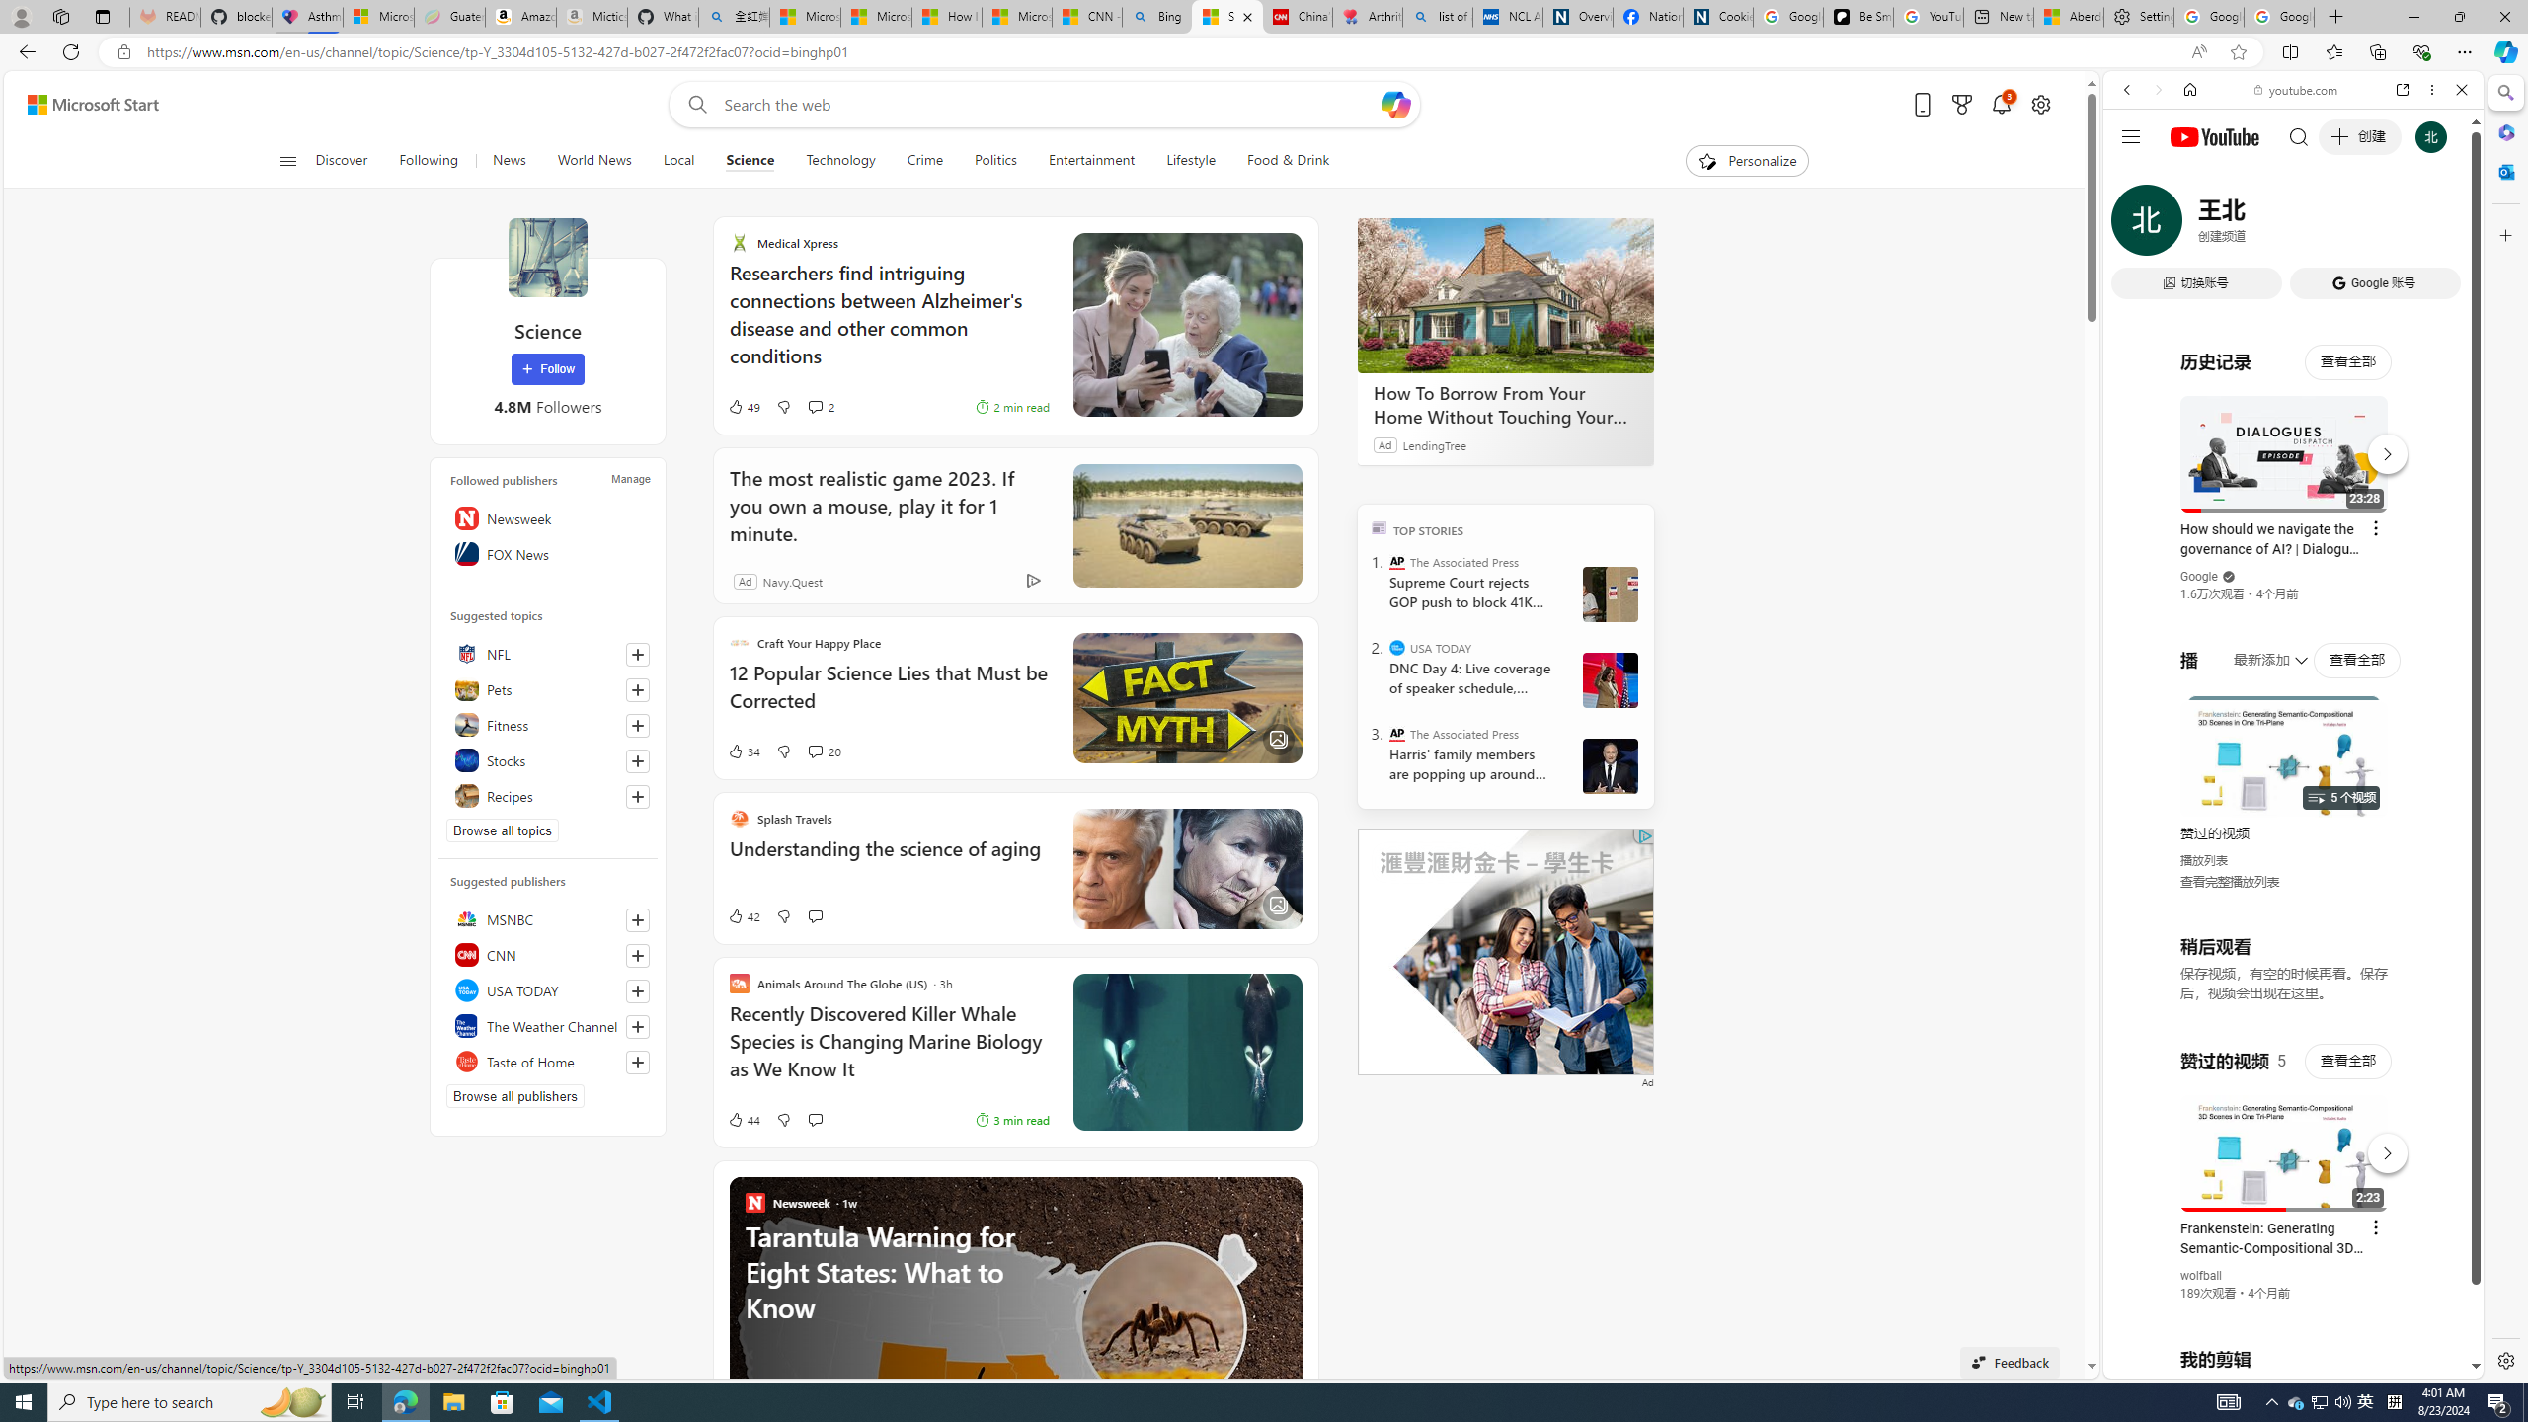 This screenshot has height=1422, width=2528. I want to click on 'Dislike', so click(782, 1119).